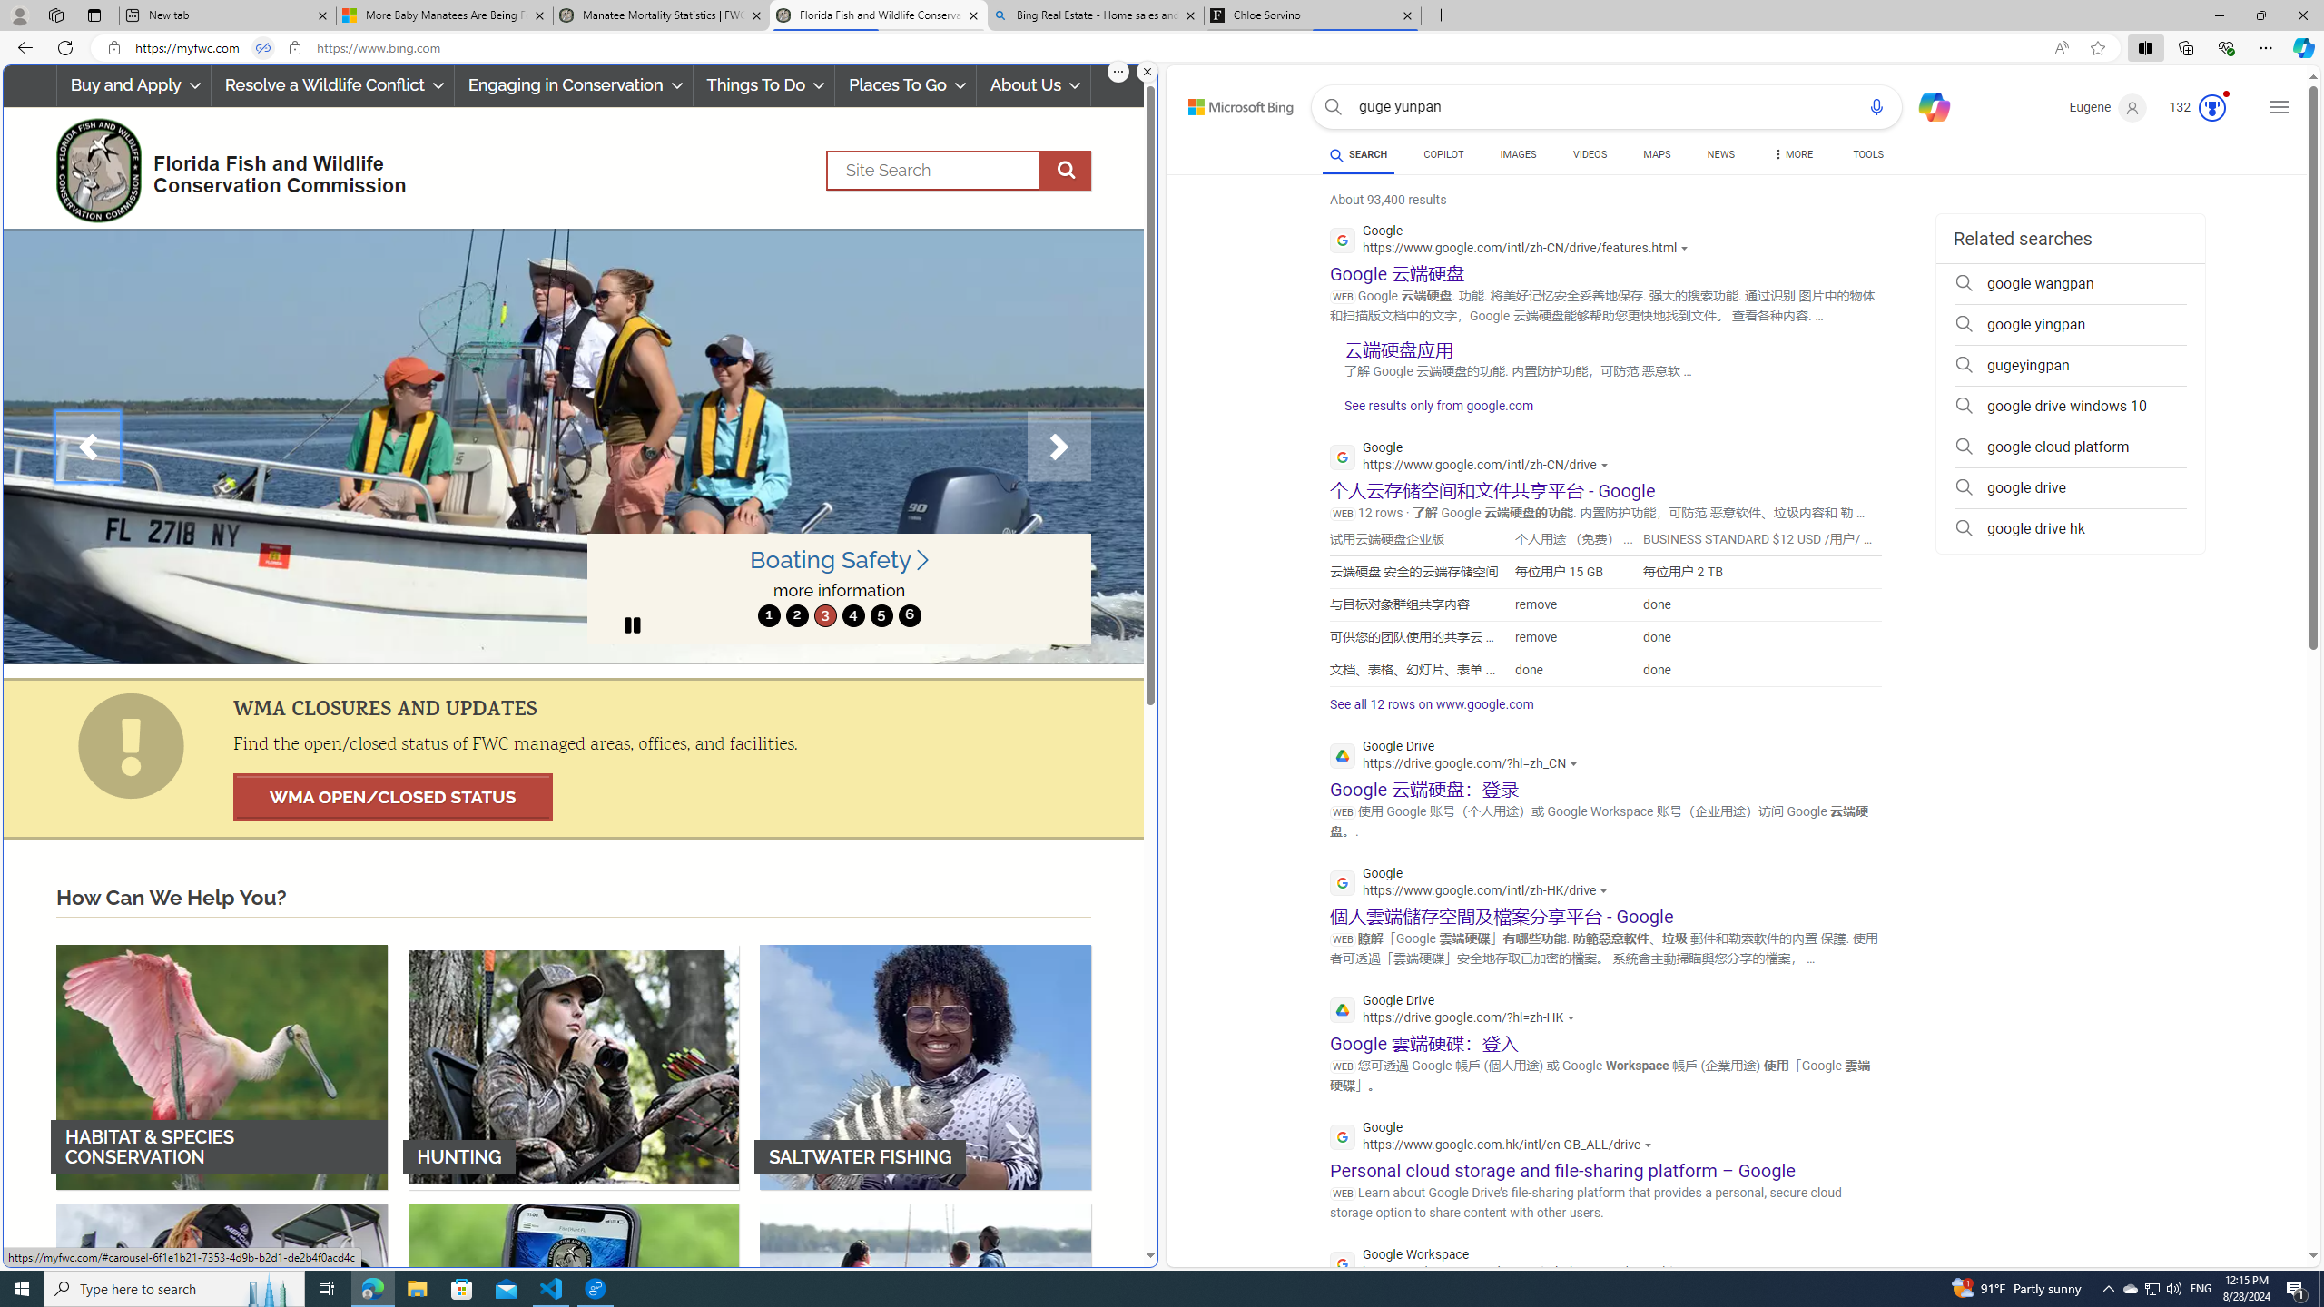 The image size is (2324, 1307). Describe the element at coordinates (1589, 156) in the screenshot. I see `'VIDEOS'` at that location.